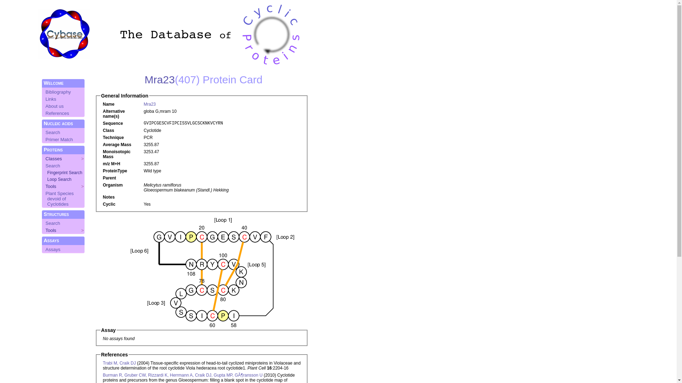 Image resolution: width=682 pixels, height=383 pixels. What do you see at coordinates (45, 166) in the screenshot?
I see `'Search'` at bounding box center [45, 166].